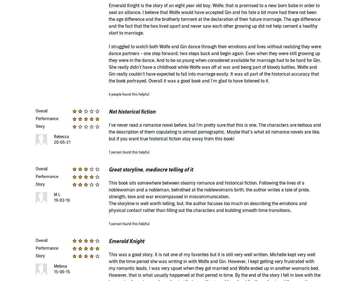 Image resolution: width=357 pixels, height=281 pixels. Describe the element at coordinates (132, 112) in the screenshot. I see `'Not historical fiction'` at that location.